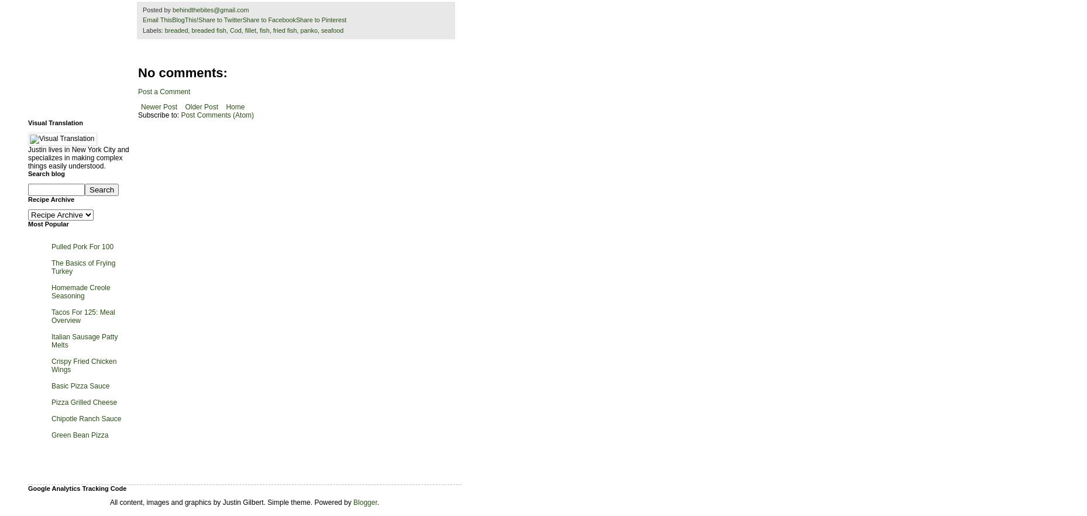  Describe the element at coordinates (217, 114) in the screenshot. I see `'Post Comments (Atom)'` at that location.